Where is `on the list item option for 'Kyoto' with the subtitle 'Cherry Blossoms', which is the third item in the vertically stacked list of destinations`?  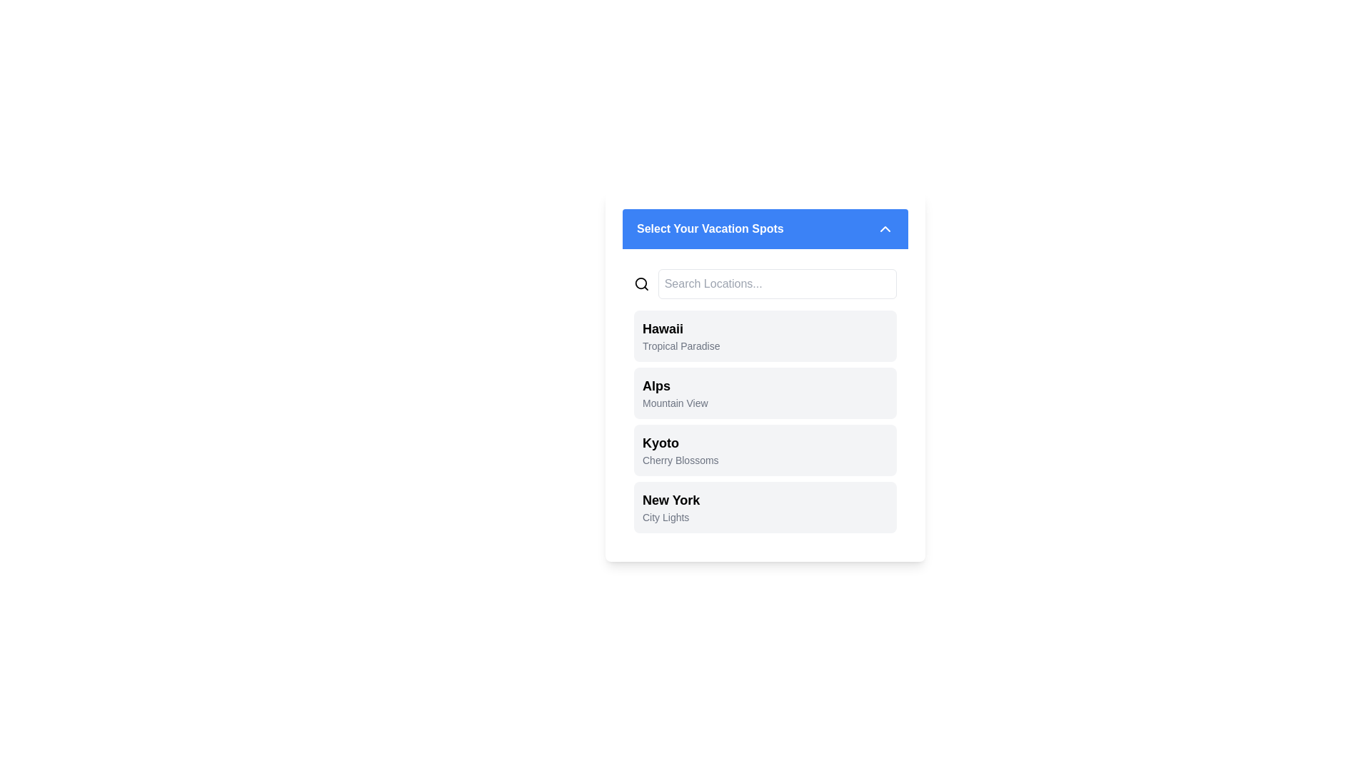
on the list item option for 'Kyoto' with the subtitle 'Cherry Blossoms', which is the third item in the vertically stacked list of destinations is located at coordinates (680, 450).